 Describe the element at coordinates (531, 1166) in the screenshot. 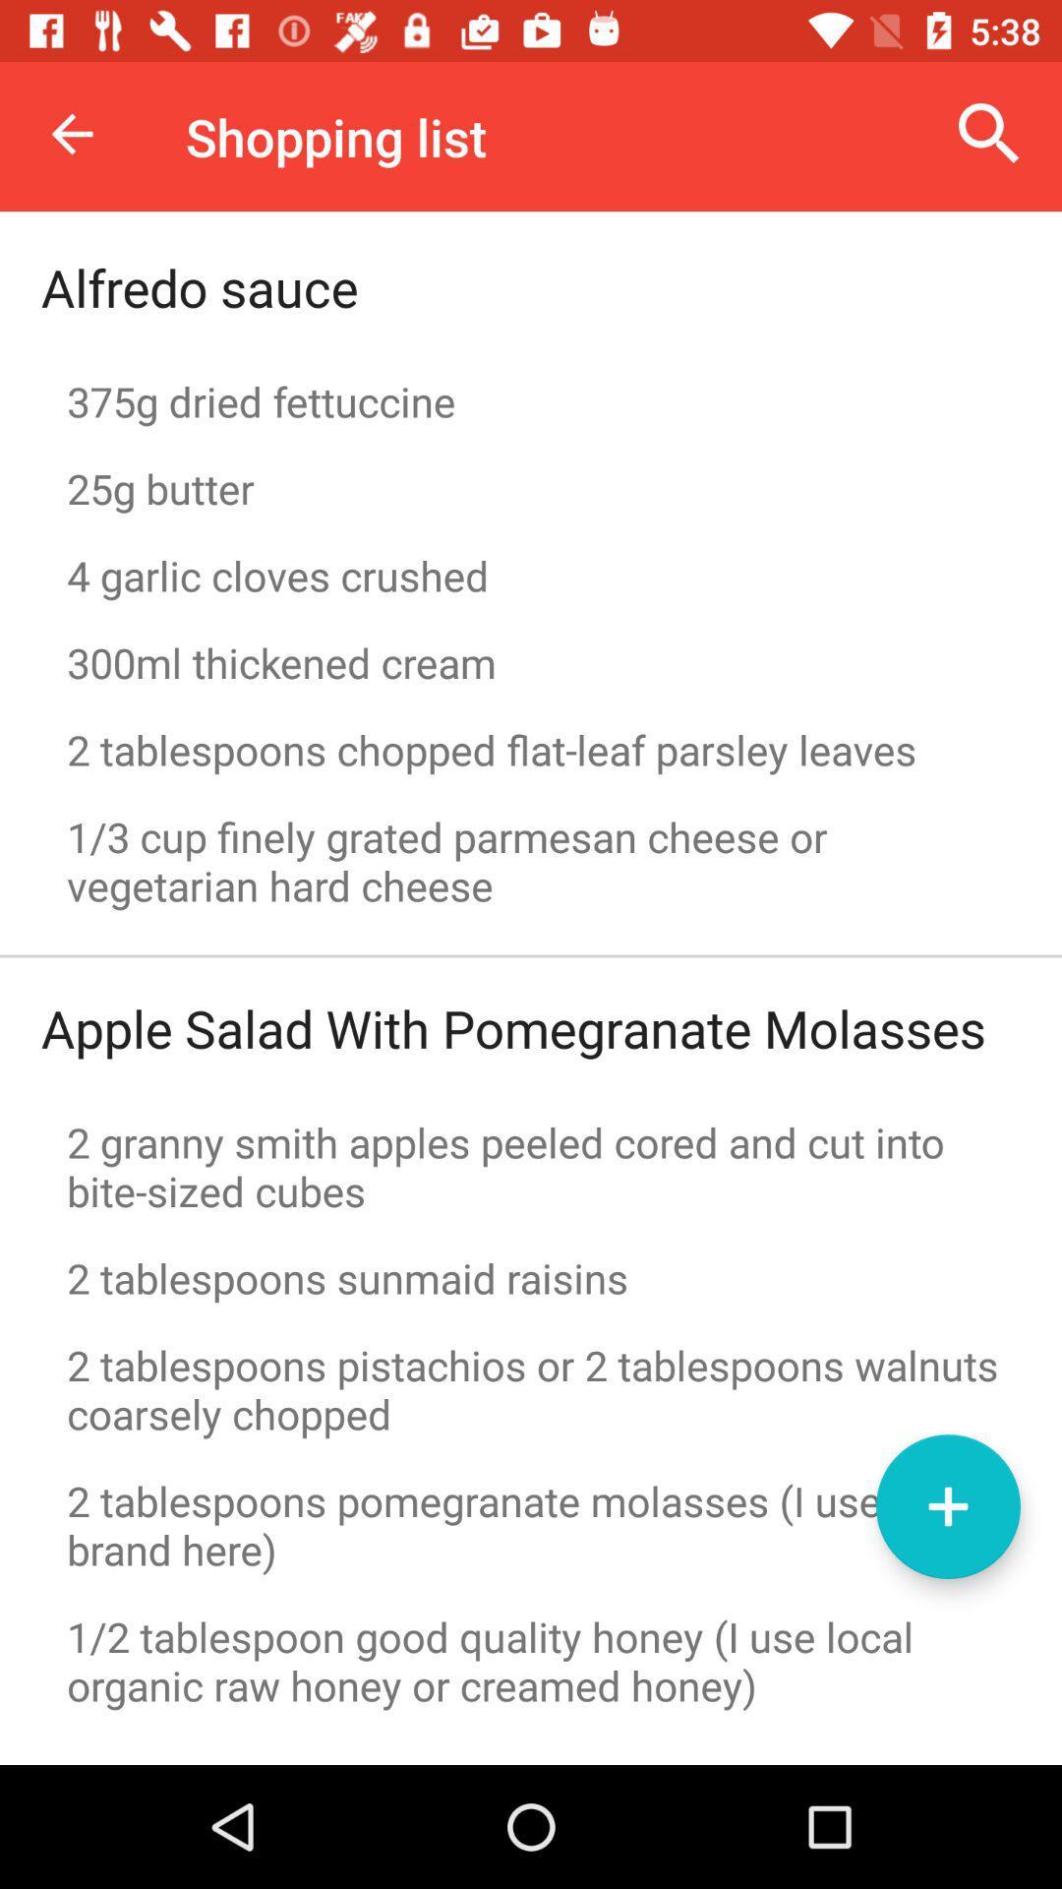

I see `2 granny smith icon` at that location.